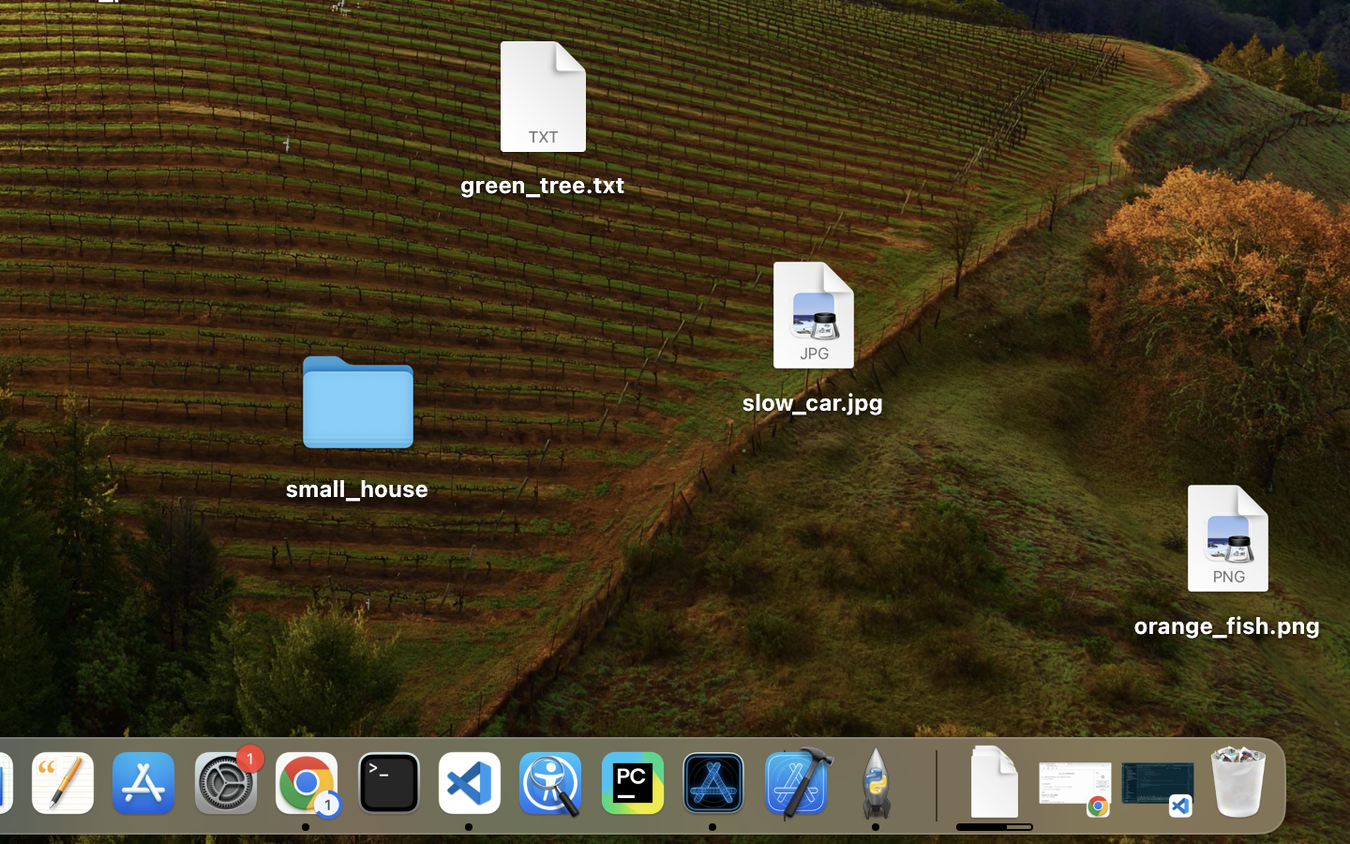 Image resolution: width=1350 pixels, height=844 pixels. What do you see at coordinates (934, 784) in the screenshot?
I see `'0.4285714328289032'` at bounding box center [934, 784].